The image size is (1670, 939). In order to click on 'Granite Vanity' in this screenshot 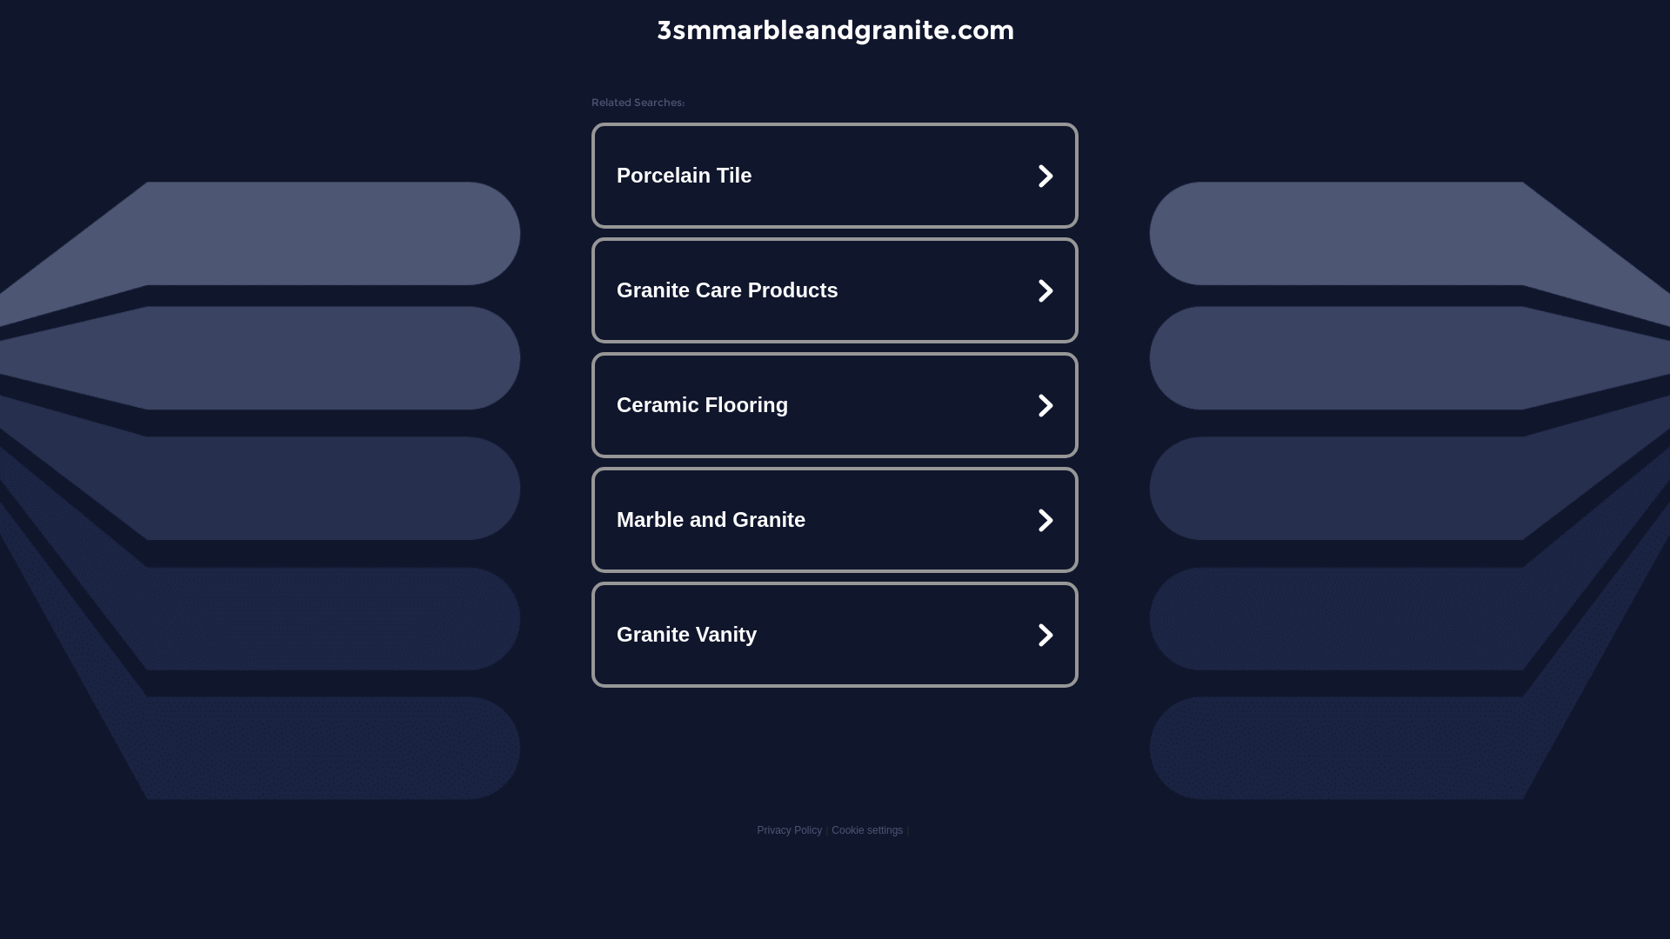, I will do `click(835, 634)`.